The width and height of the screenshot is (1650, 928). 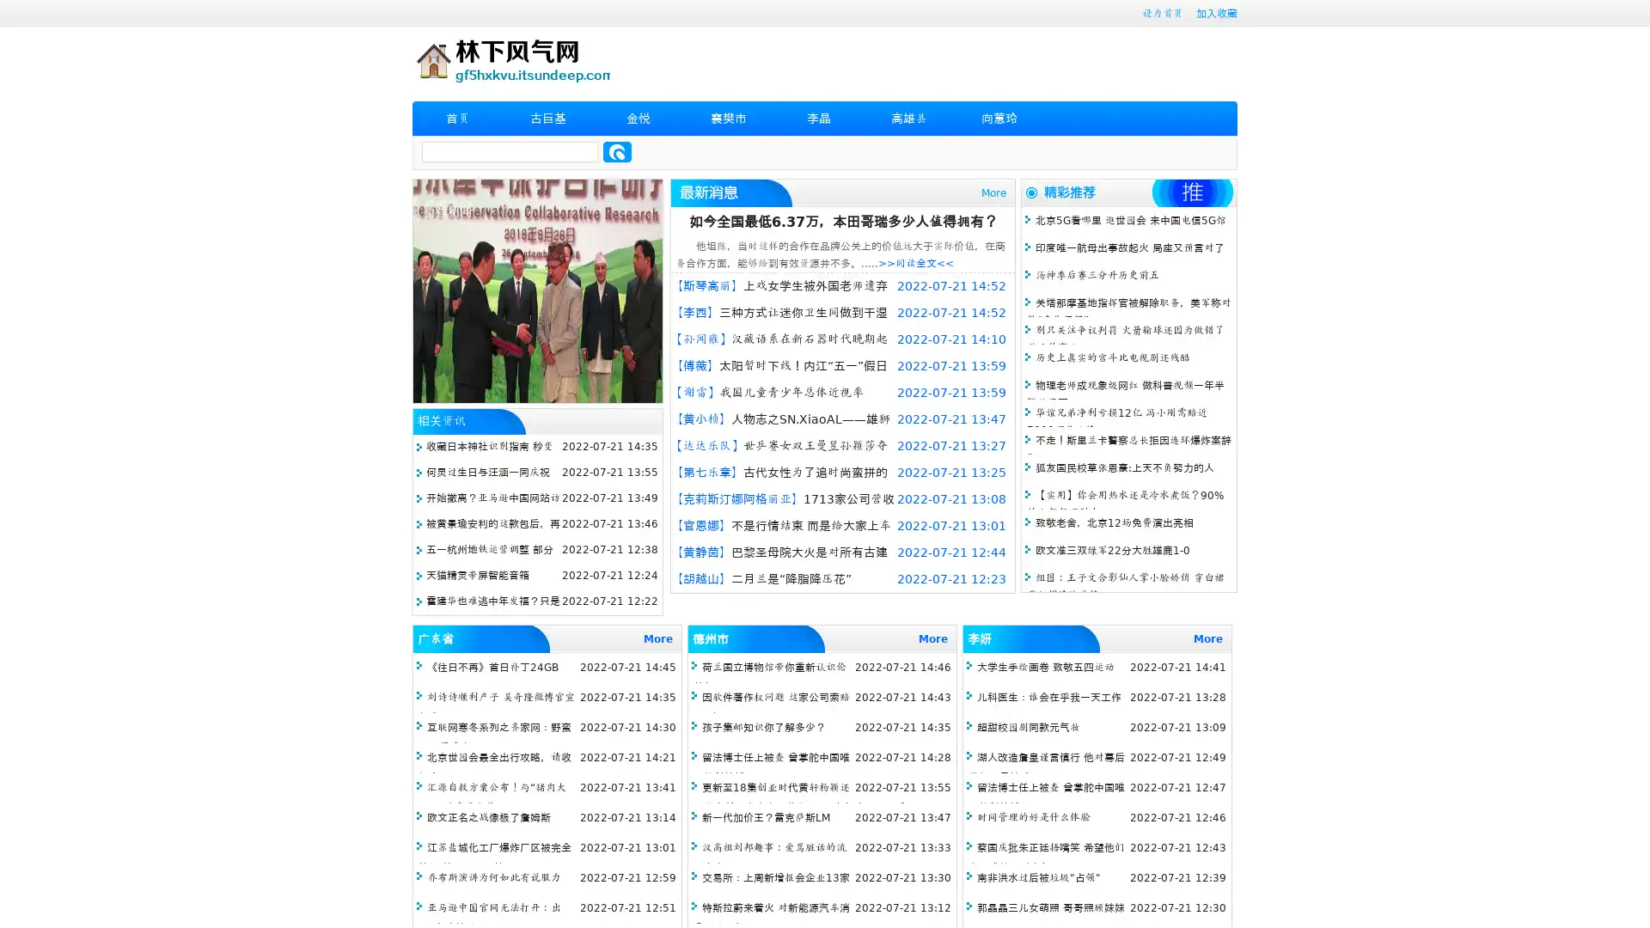 What do you see at coordinates (617, 151) in the screenshot?
I see `Search` at bounding box center [617, 151].